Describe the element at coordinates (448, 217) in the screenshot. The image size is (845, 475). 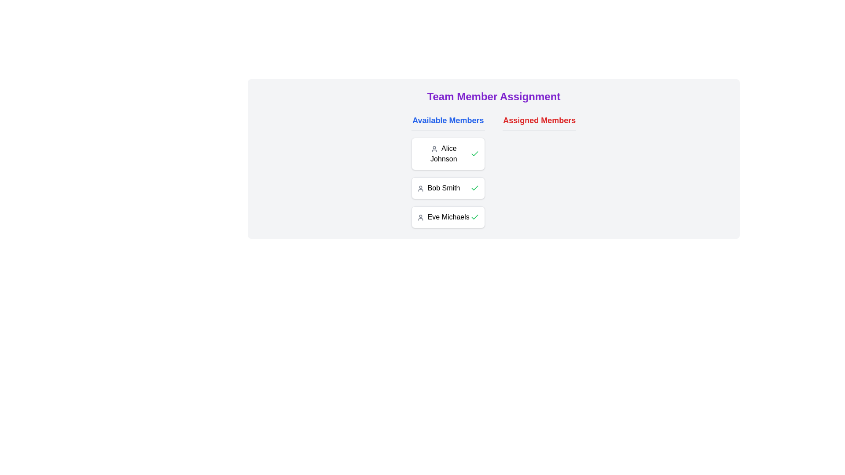
I see `the List item card representing Eve Michaels in the 'Available Members' list` at that location.